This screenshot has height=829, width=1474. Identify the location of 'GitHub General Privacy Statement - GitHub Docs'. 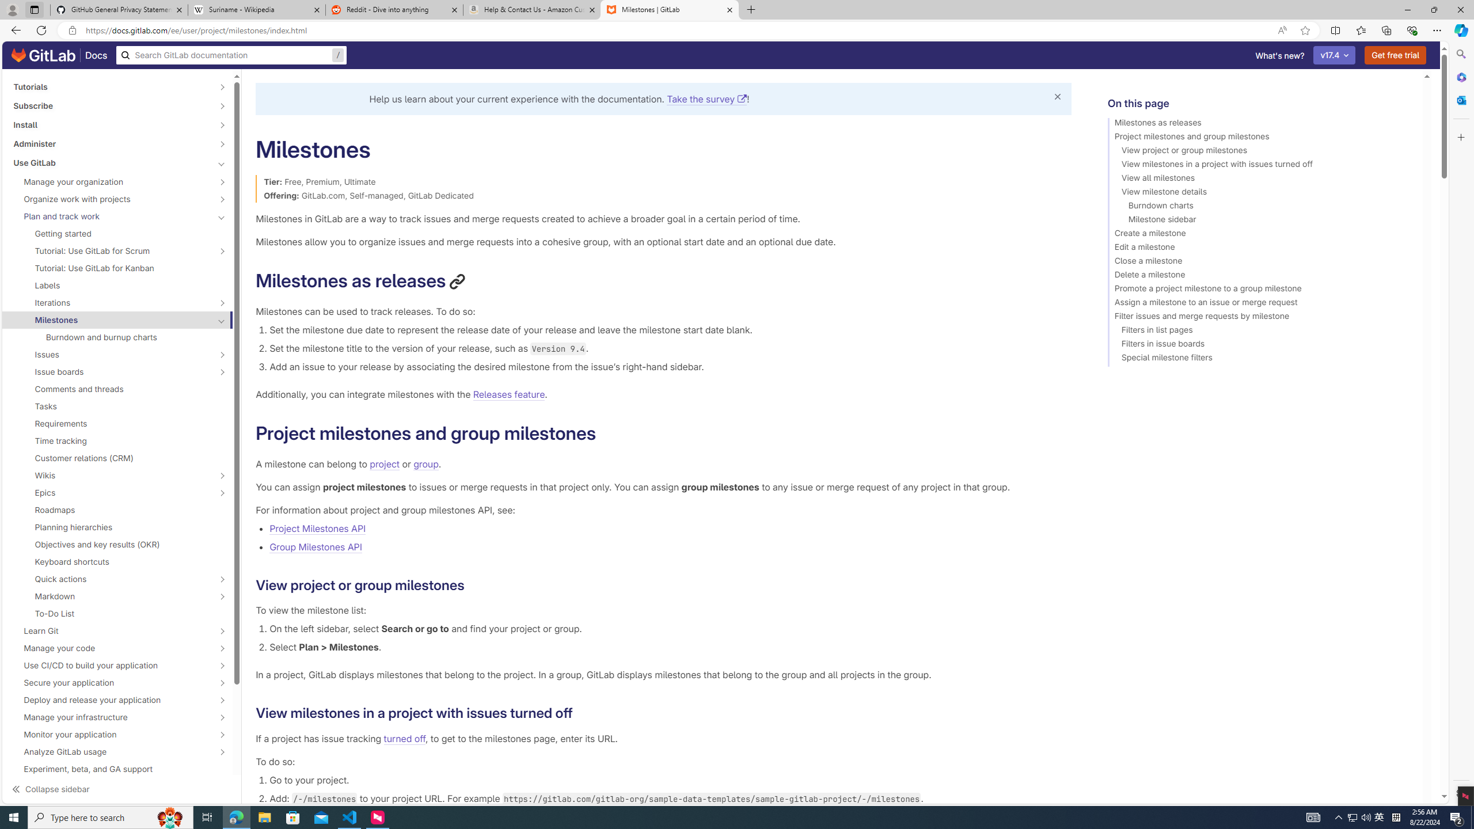
(119, 9).